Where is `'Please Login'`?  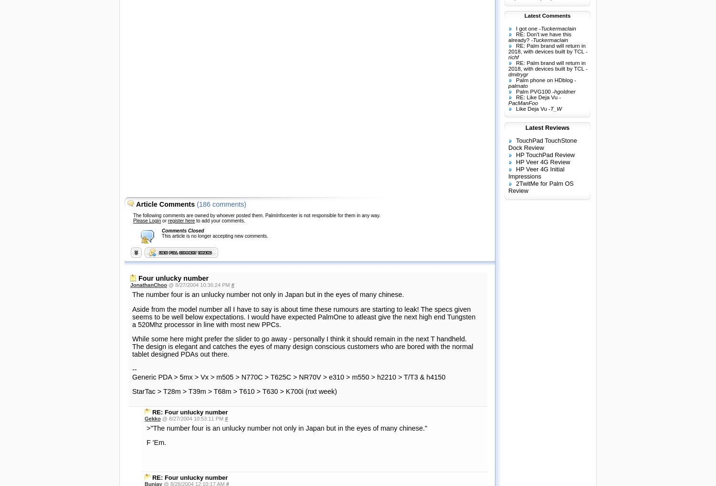 'Please Login' is located at coordinates (147, 220).